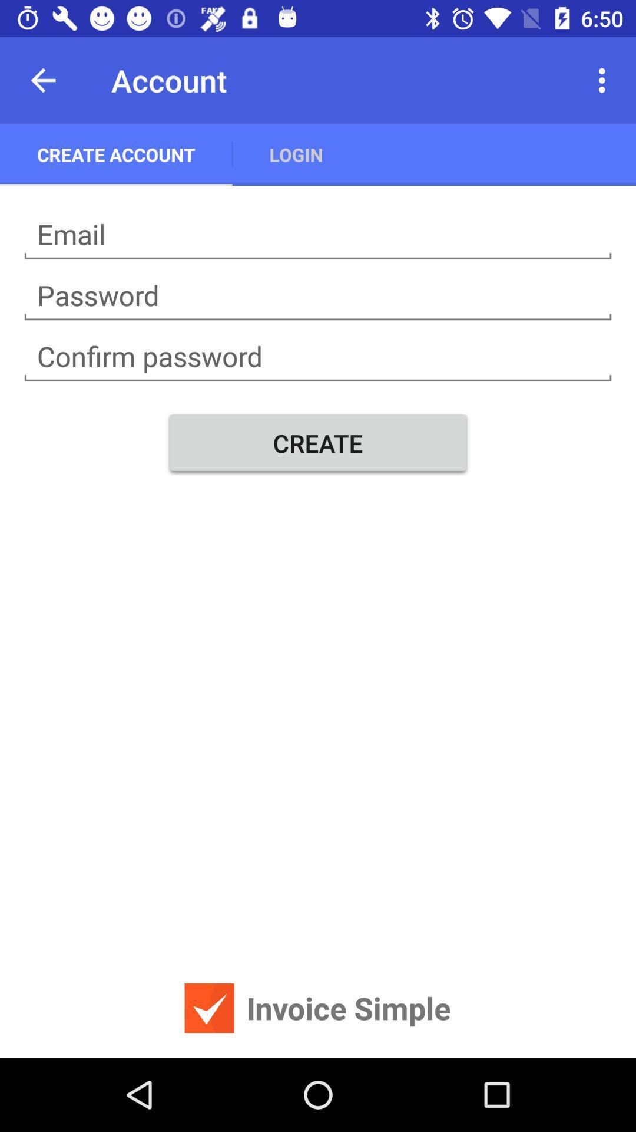  What do you see at coordinates (605, 80) in the screenshot?
I see `the app next to the login icon` at bounding box center [605, 80].